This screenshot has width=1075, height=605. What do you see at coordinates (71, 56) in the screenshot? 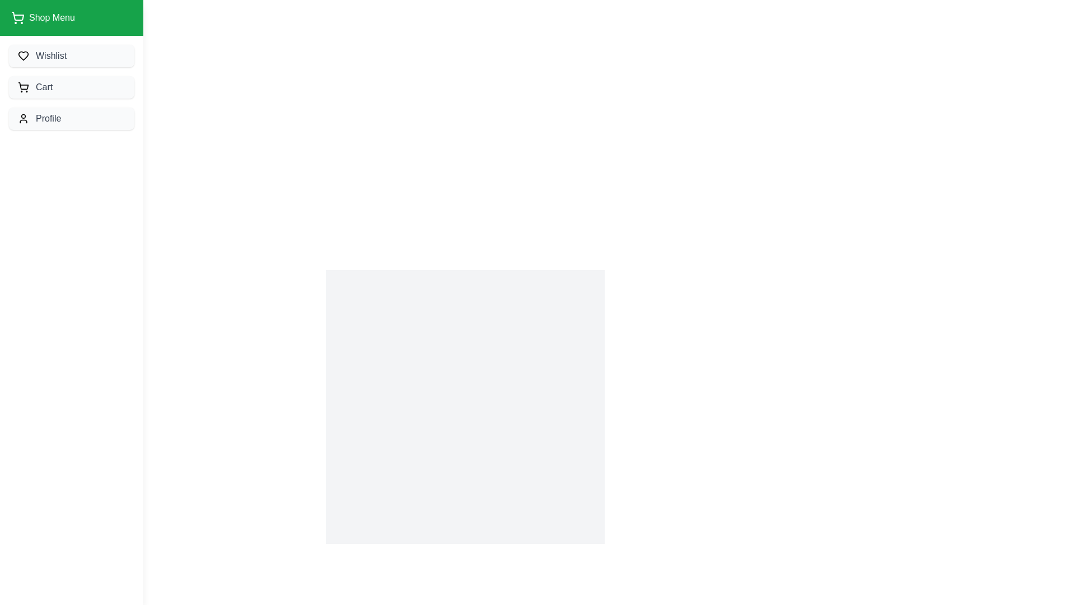
I see `the navigation drawer item Wishlist` at bounding box center [71, 56].